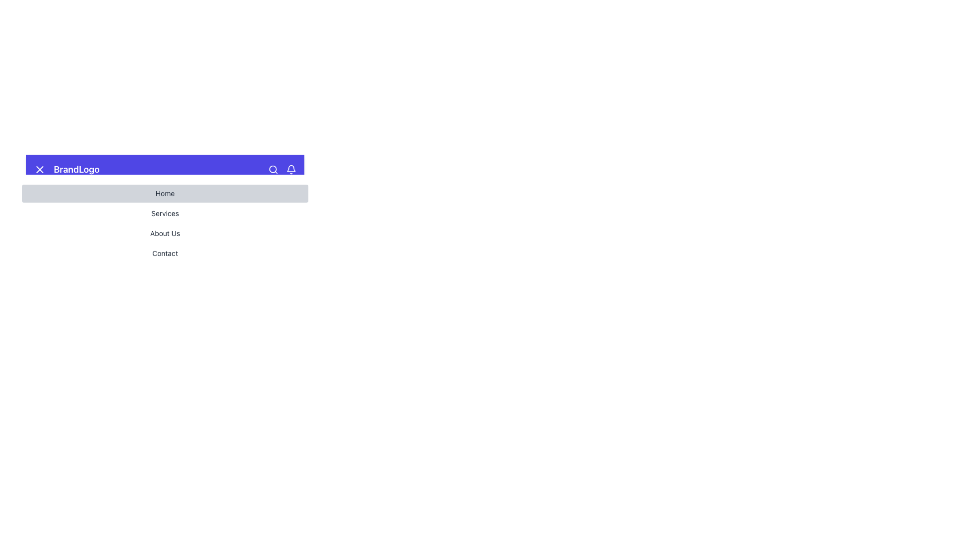 This screenshot has width=958, height=539. Describe the element at coordinates (165, 194) in the screenshot. I see `the 'Home' navigation button located at the top-center of the vertical navigation list under the purple header bar` at that location.